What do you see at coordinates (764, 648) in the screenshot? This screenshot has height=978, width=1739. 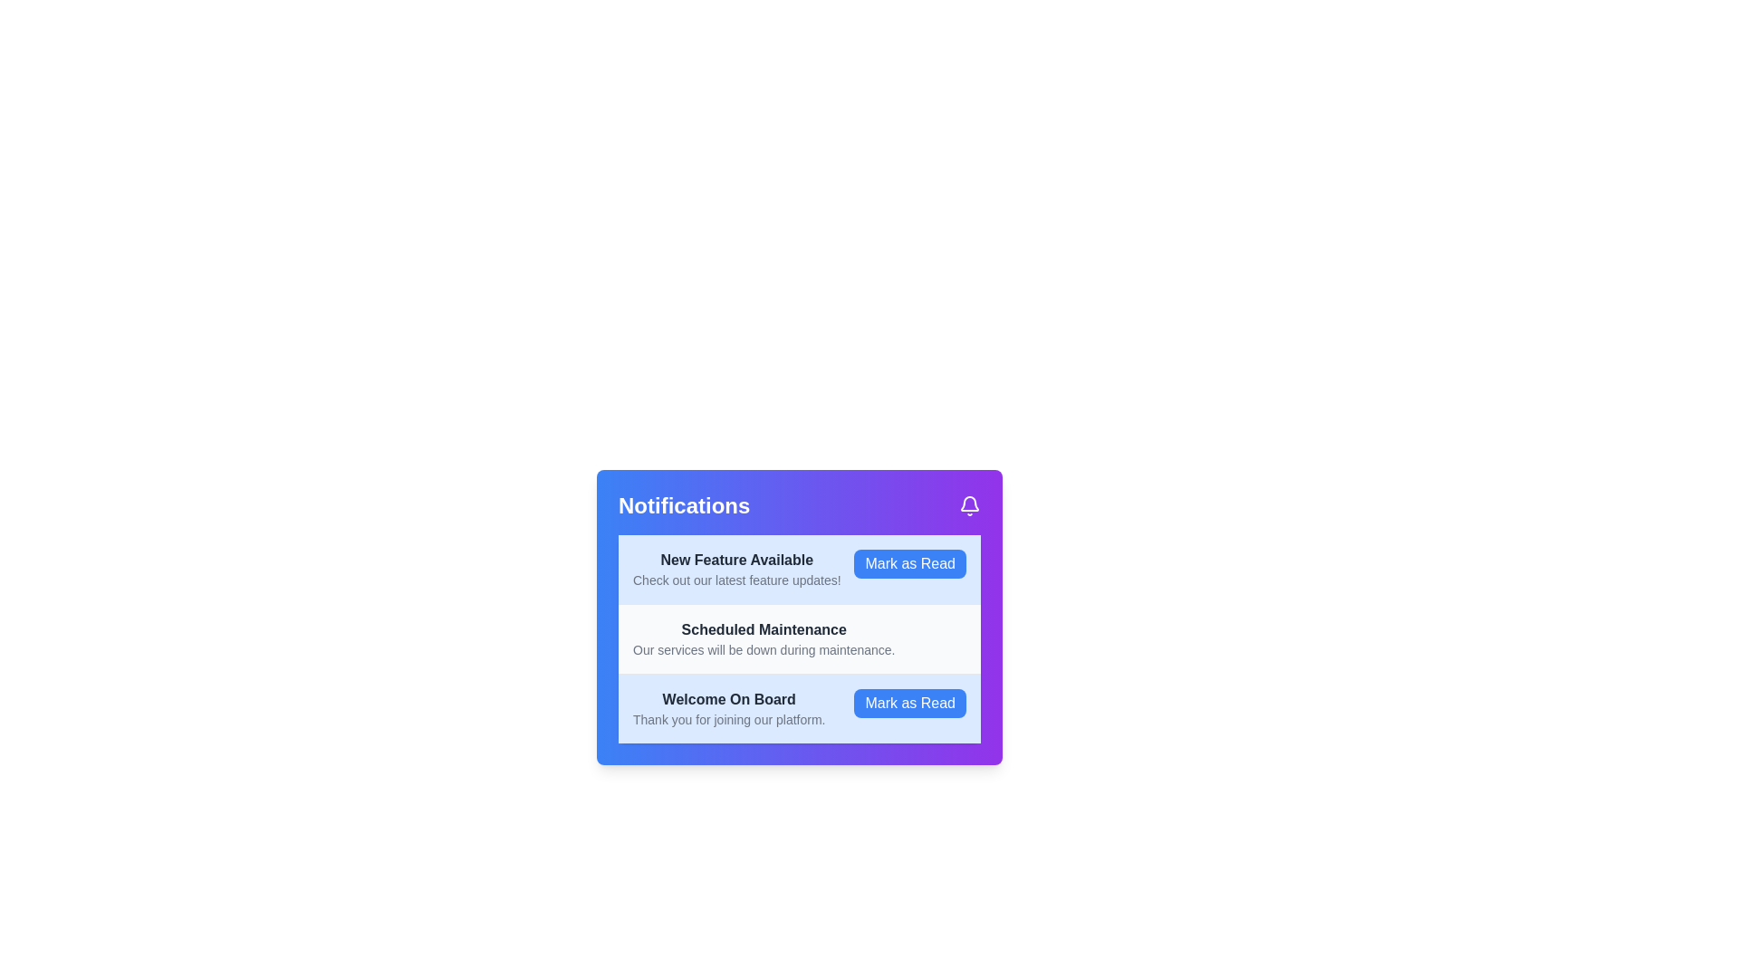 I see `the informational text displaying 'Our services will be down during maintenance.' located within the notification card layout under the 'Scheduled Maintenance' heading` at bounding box center [764, 648].